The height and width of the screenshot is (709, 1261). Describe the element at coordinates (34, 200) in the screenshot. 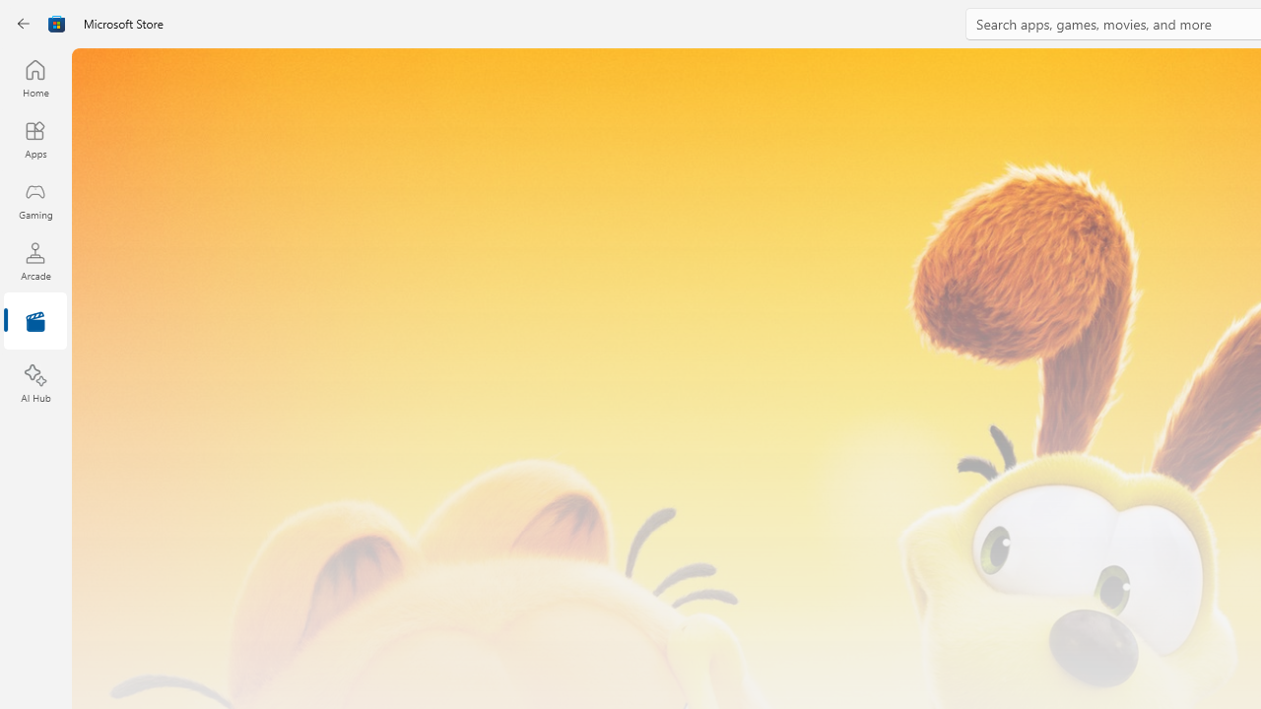

I see `'Gaming'` at that location.